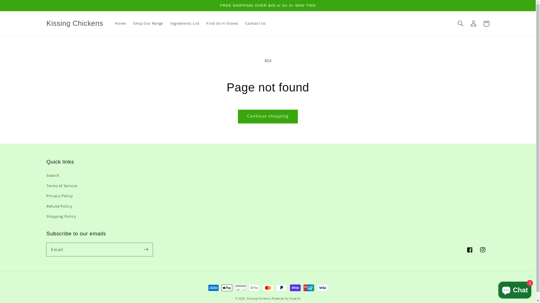  Describe the element at coordinates (473, 23) in the screenshot. I see `'Log in'` at that location.